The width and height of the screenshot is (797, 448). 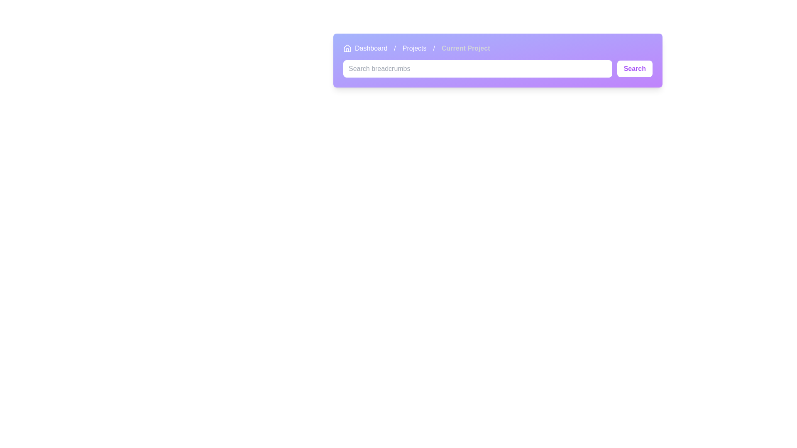 I want to click on the 'Dashboard' hyperlink text element, which is styled in white and located, so click(x=371, y=48).